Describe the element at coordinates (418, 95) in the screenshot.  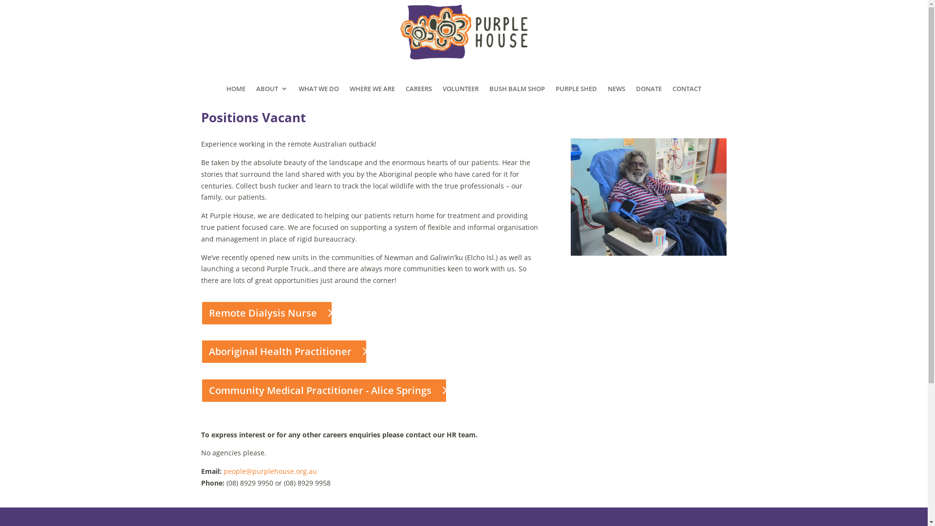
I see `'CAREERS'` at that location.